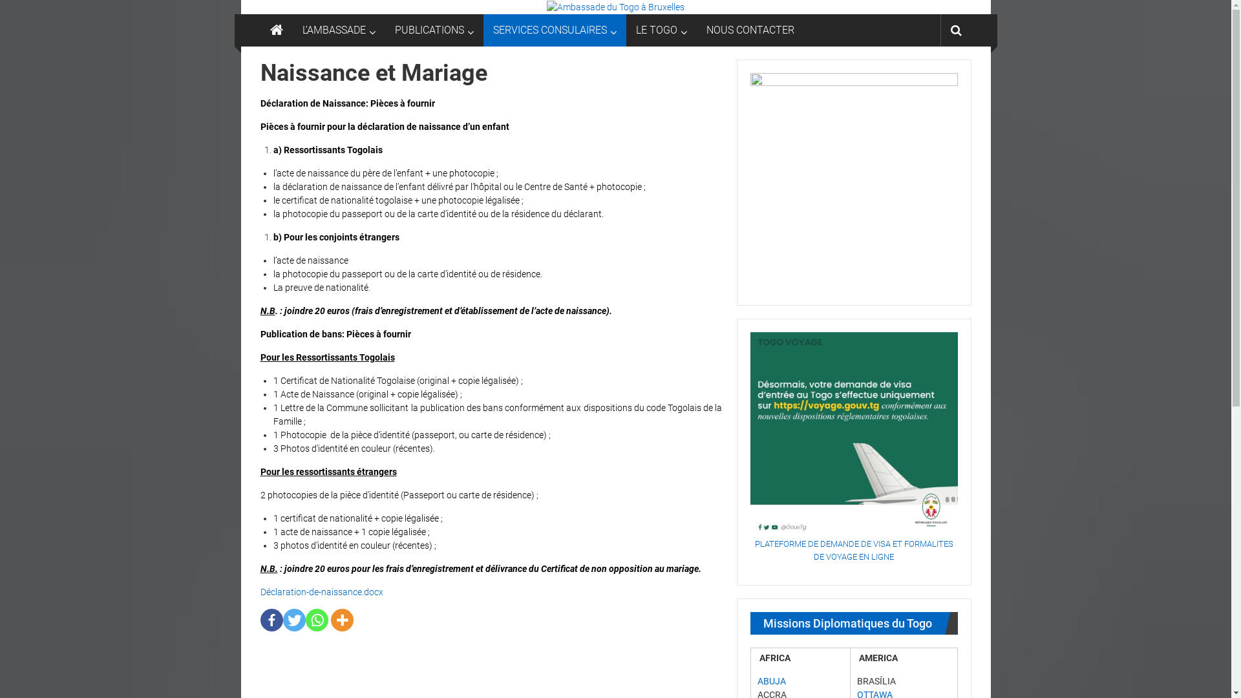 This screenshot has height=698, width=1241. What do you see at coordinates (342, 619) in the screenshot?
I see `'More'` at bounding box center [342, 619].